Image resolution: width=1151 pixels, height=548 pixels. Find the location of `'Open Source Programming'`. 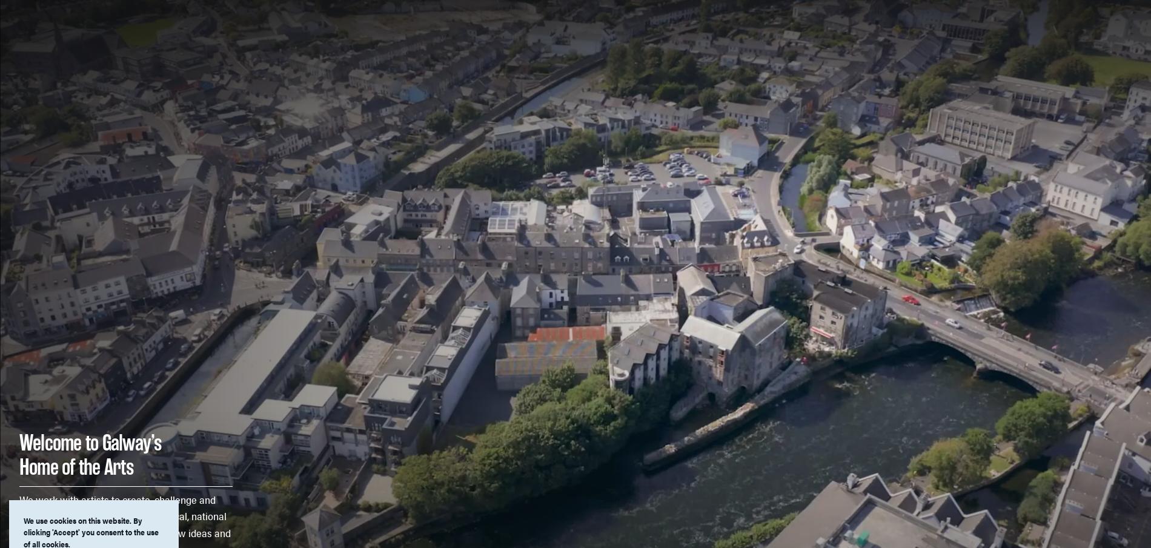

'Open Source Programming' is located at coordinates (878, 73).